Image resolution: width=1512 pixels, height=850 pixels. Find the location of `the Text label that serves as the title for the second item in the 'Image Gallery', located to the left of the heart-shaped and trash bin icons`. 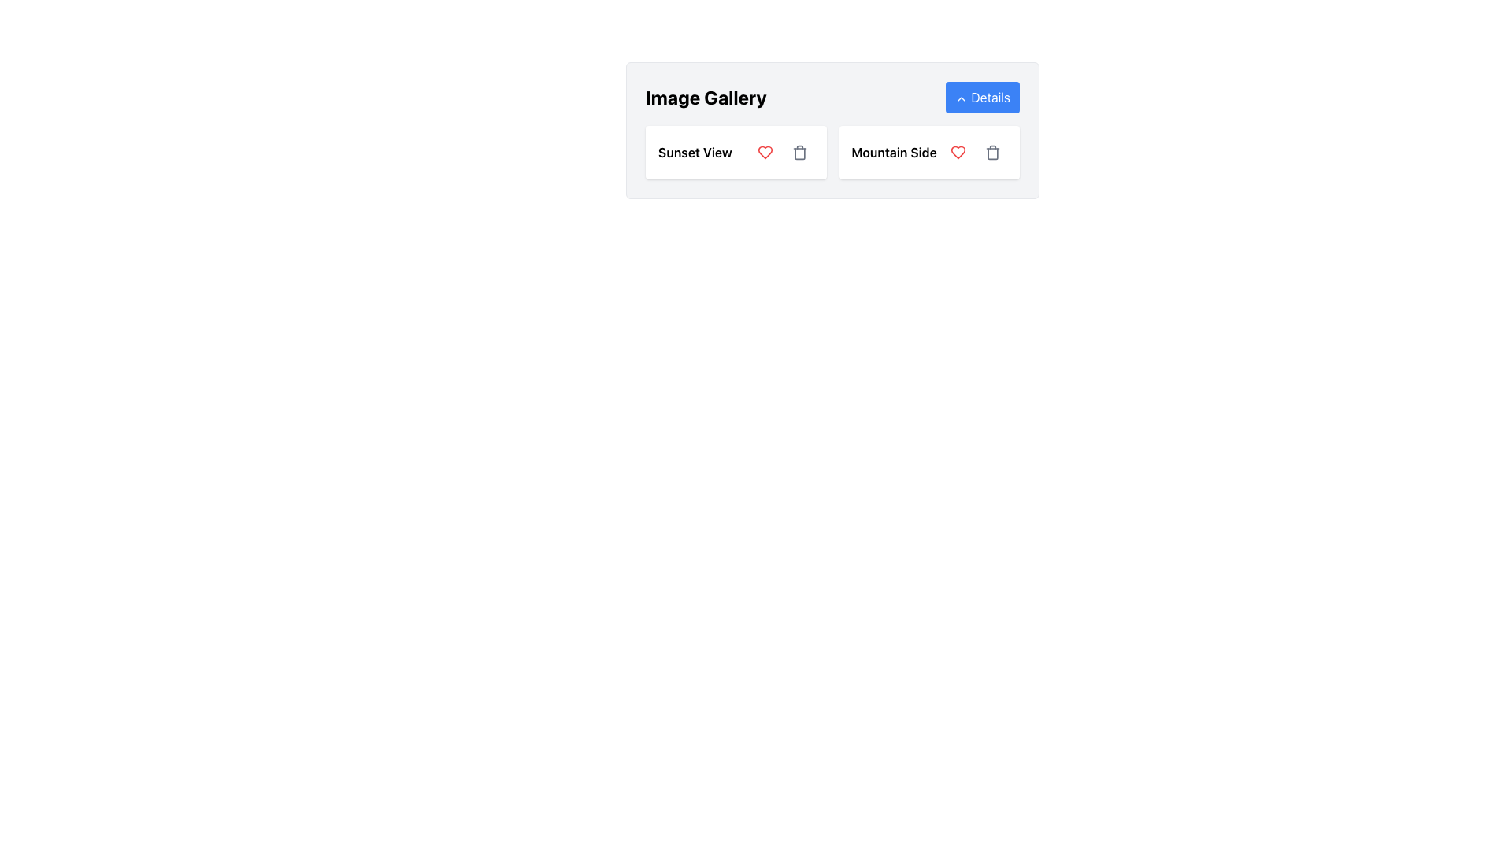

the Text label that serves as the title for the second item in the 'Image Gallery', located to the left of the heart-shaped and trash bin icons is located at coordinates (894, 152).